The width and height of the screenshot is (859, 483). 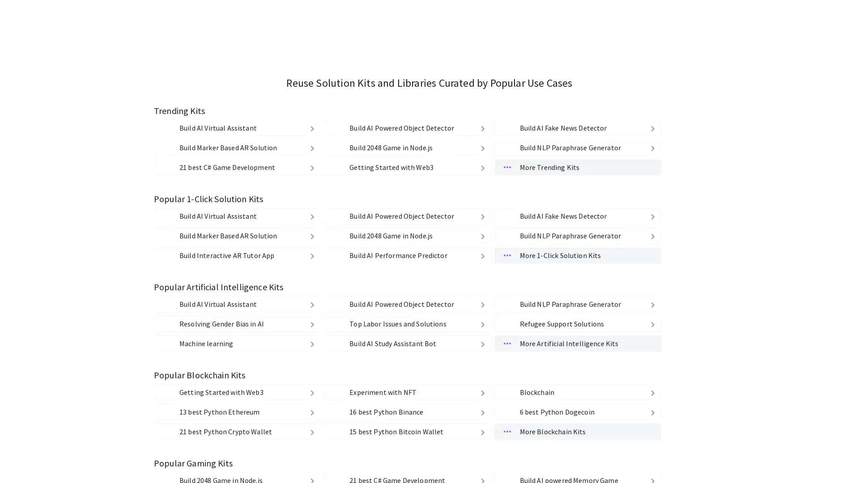 I want to click on delete, so click(x=652, y=373).